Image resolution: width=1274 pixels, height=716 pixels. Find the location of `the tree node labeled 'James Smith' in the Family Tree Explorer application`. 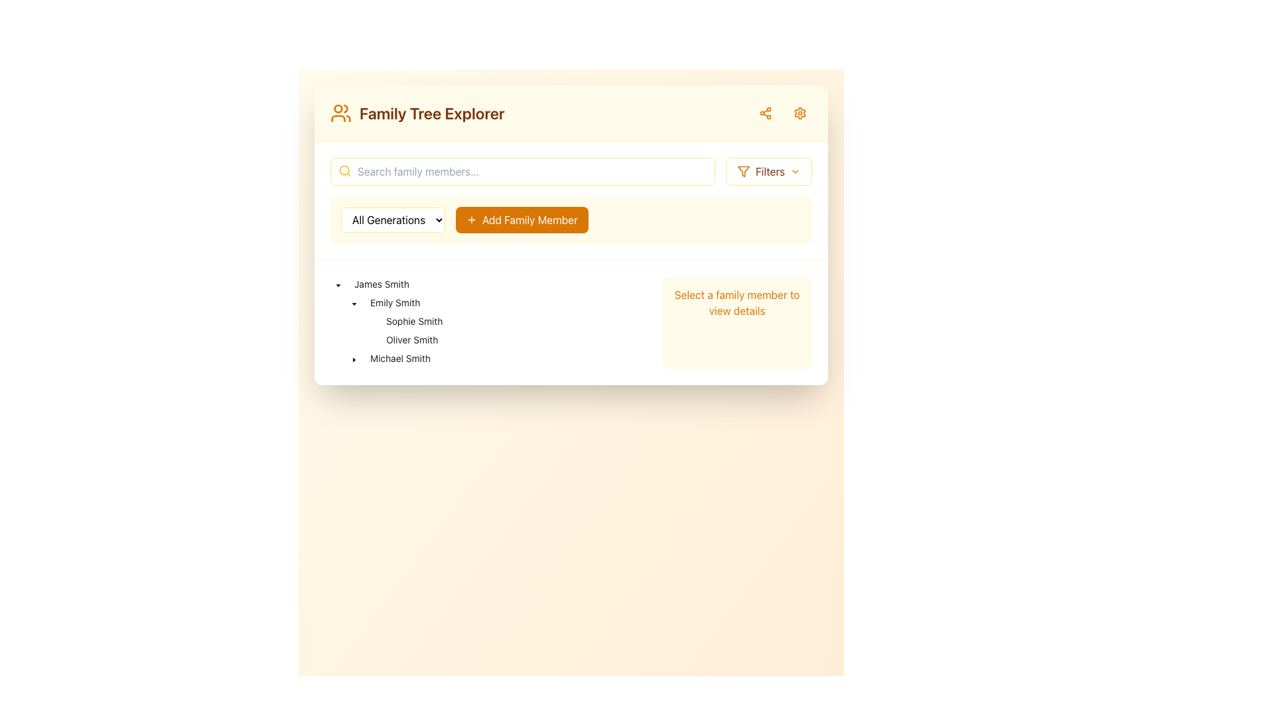

the tree node labeled 'James Smith' in the Family Tree Explorer application is located at coordinates (381, 283).